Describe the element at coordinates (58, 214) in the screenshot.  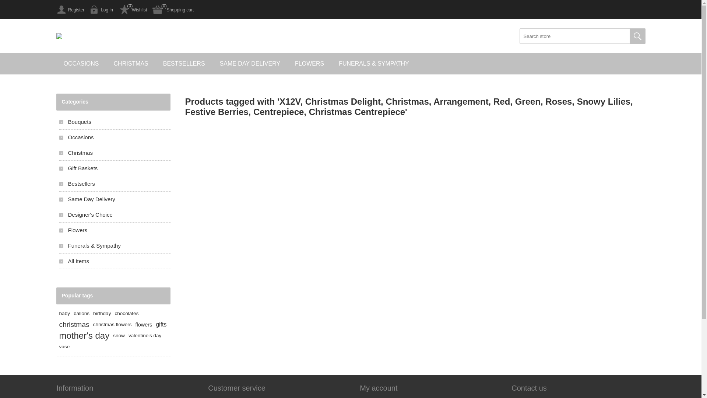
I see `'Designer's Choice'` at that location.